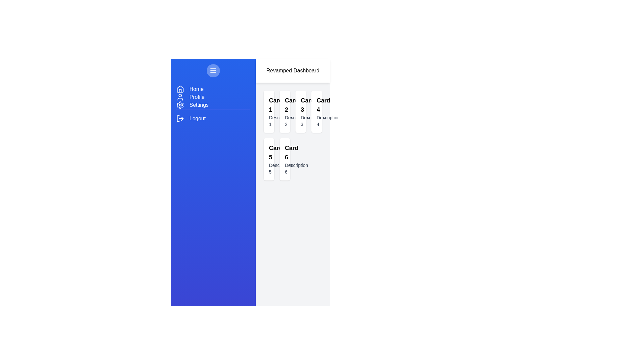  What do you see at coordinates (180, 89) in the screenshot?
I see `the house icon, which is a line-drawing styled icon with a triangular roof and rectangular base, located to the left of the 'Home' text in the vertical menu` at bounding box center [180, 89].